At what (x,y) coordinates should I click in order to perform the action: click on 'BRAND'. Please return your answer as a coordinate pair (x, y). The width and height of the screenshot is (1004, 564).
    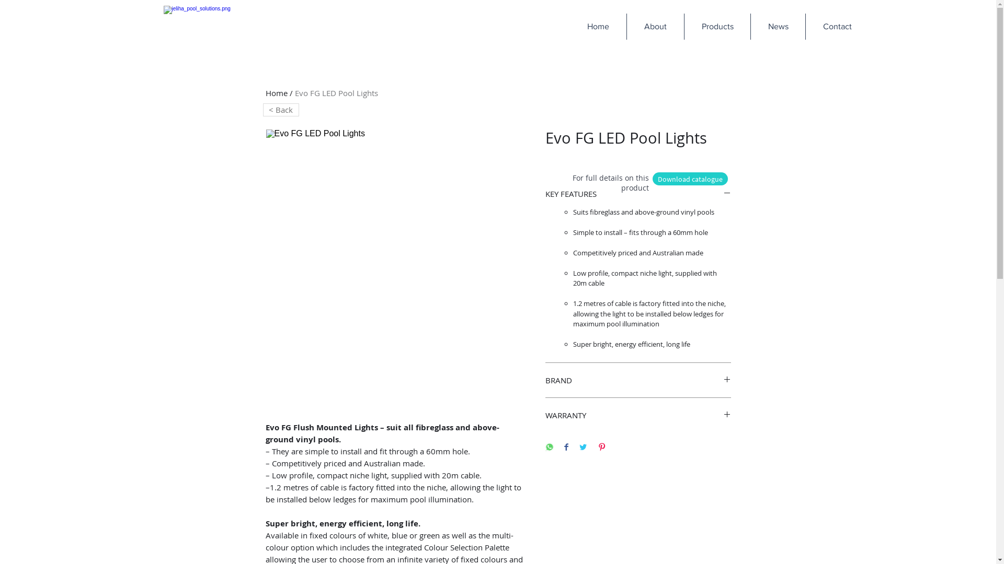
    Looking at the image, I should click on (637, 380).